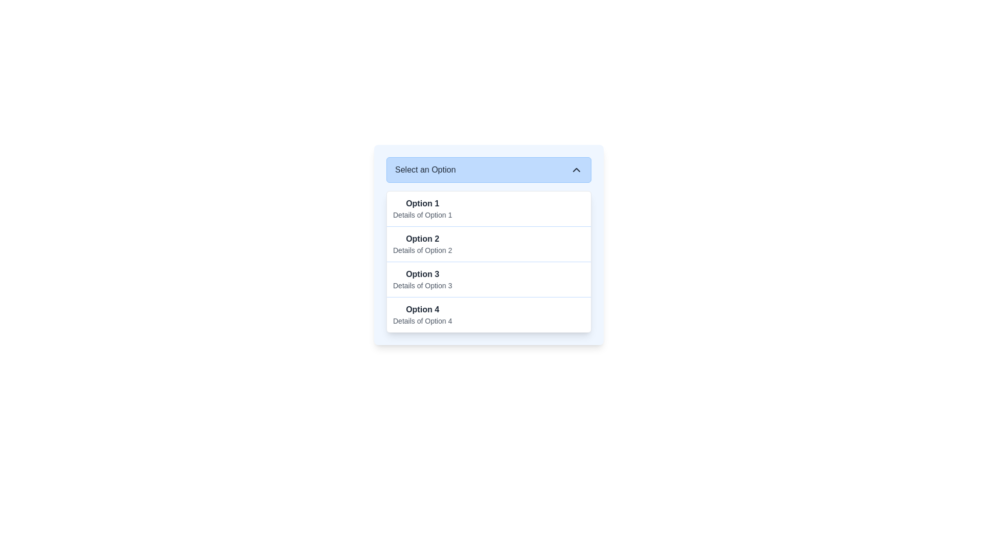 The height and width of the screenshot is (553, 984). What do you see at coordinates (422, 215) in the screenshot?
I see `the text label that reads 'Details of Option 1', which is styled in gray and located directly underneath the title 'Option 1' in the dropdown menu` at bounding box center [422, 215].